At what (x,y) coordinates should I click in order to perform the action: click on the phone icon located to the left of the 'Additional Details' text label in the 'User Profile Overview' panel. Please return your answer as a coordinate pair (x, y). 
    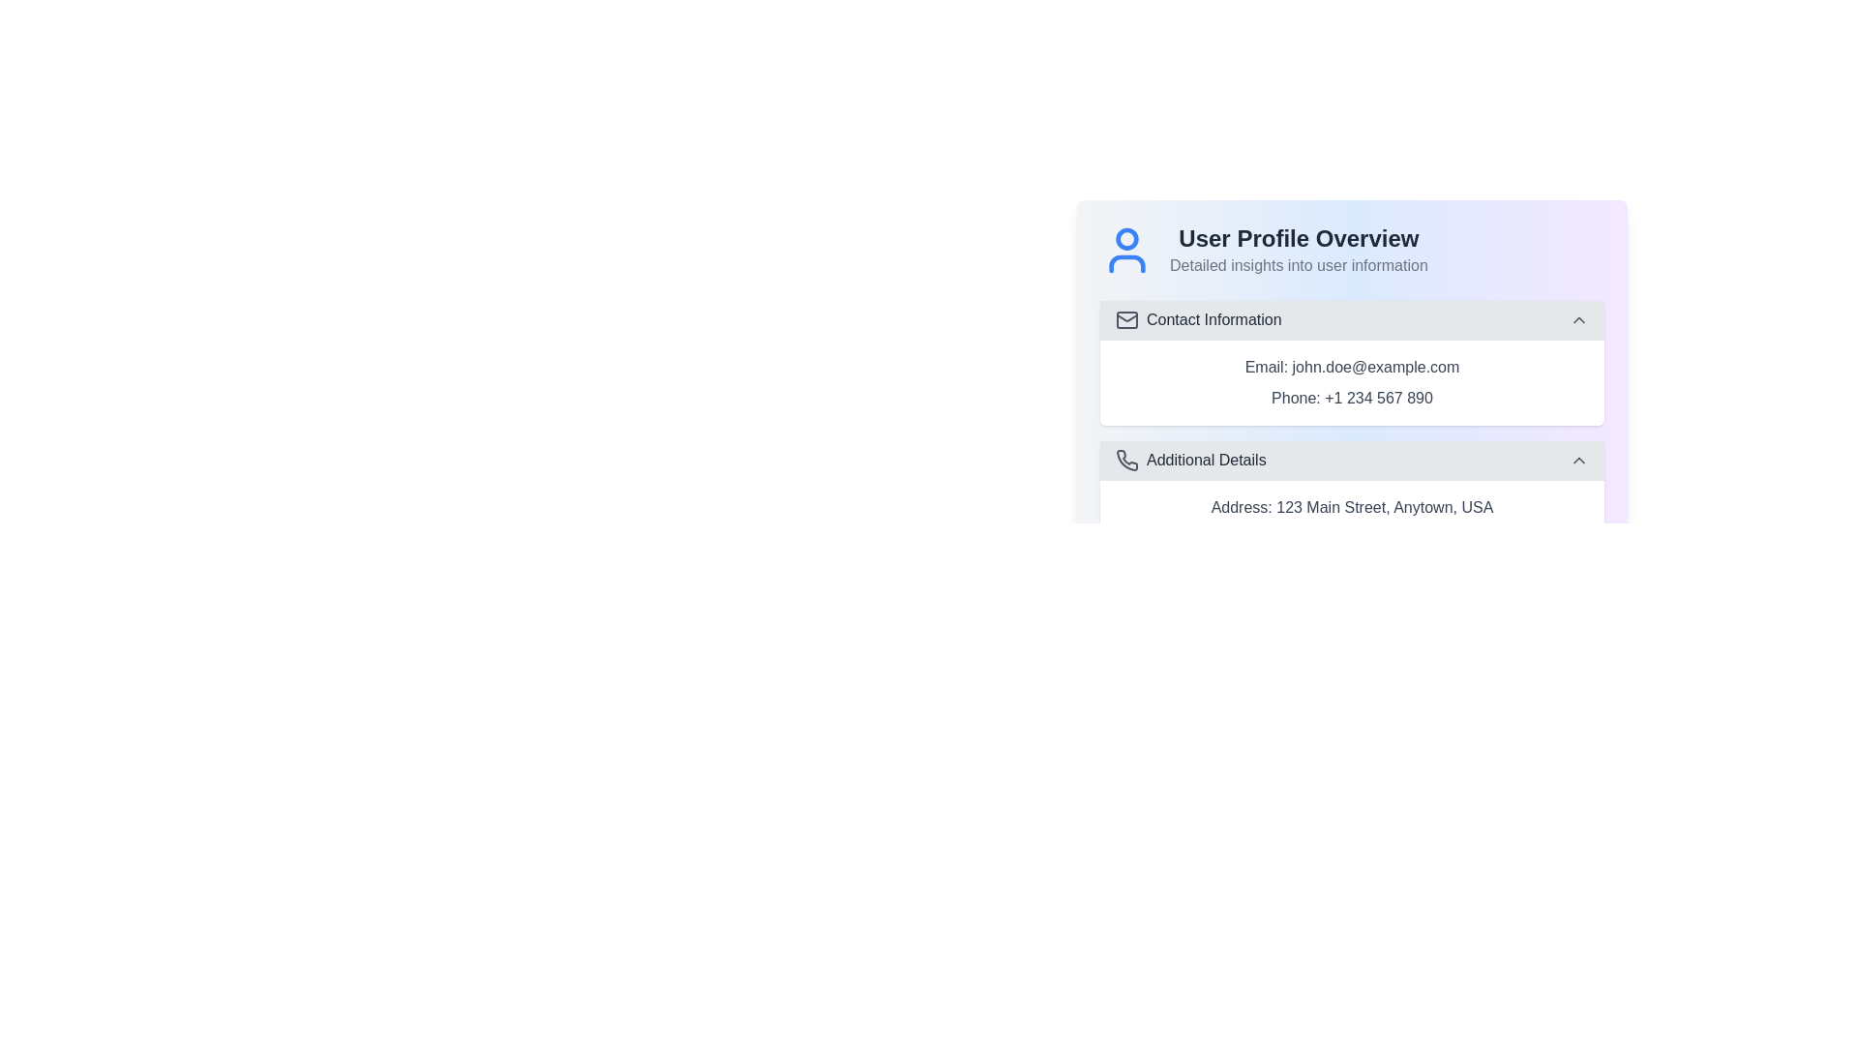
    Looking at the image, I should click on (1127, 460).